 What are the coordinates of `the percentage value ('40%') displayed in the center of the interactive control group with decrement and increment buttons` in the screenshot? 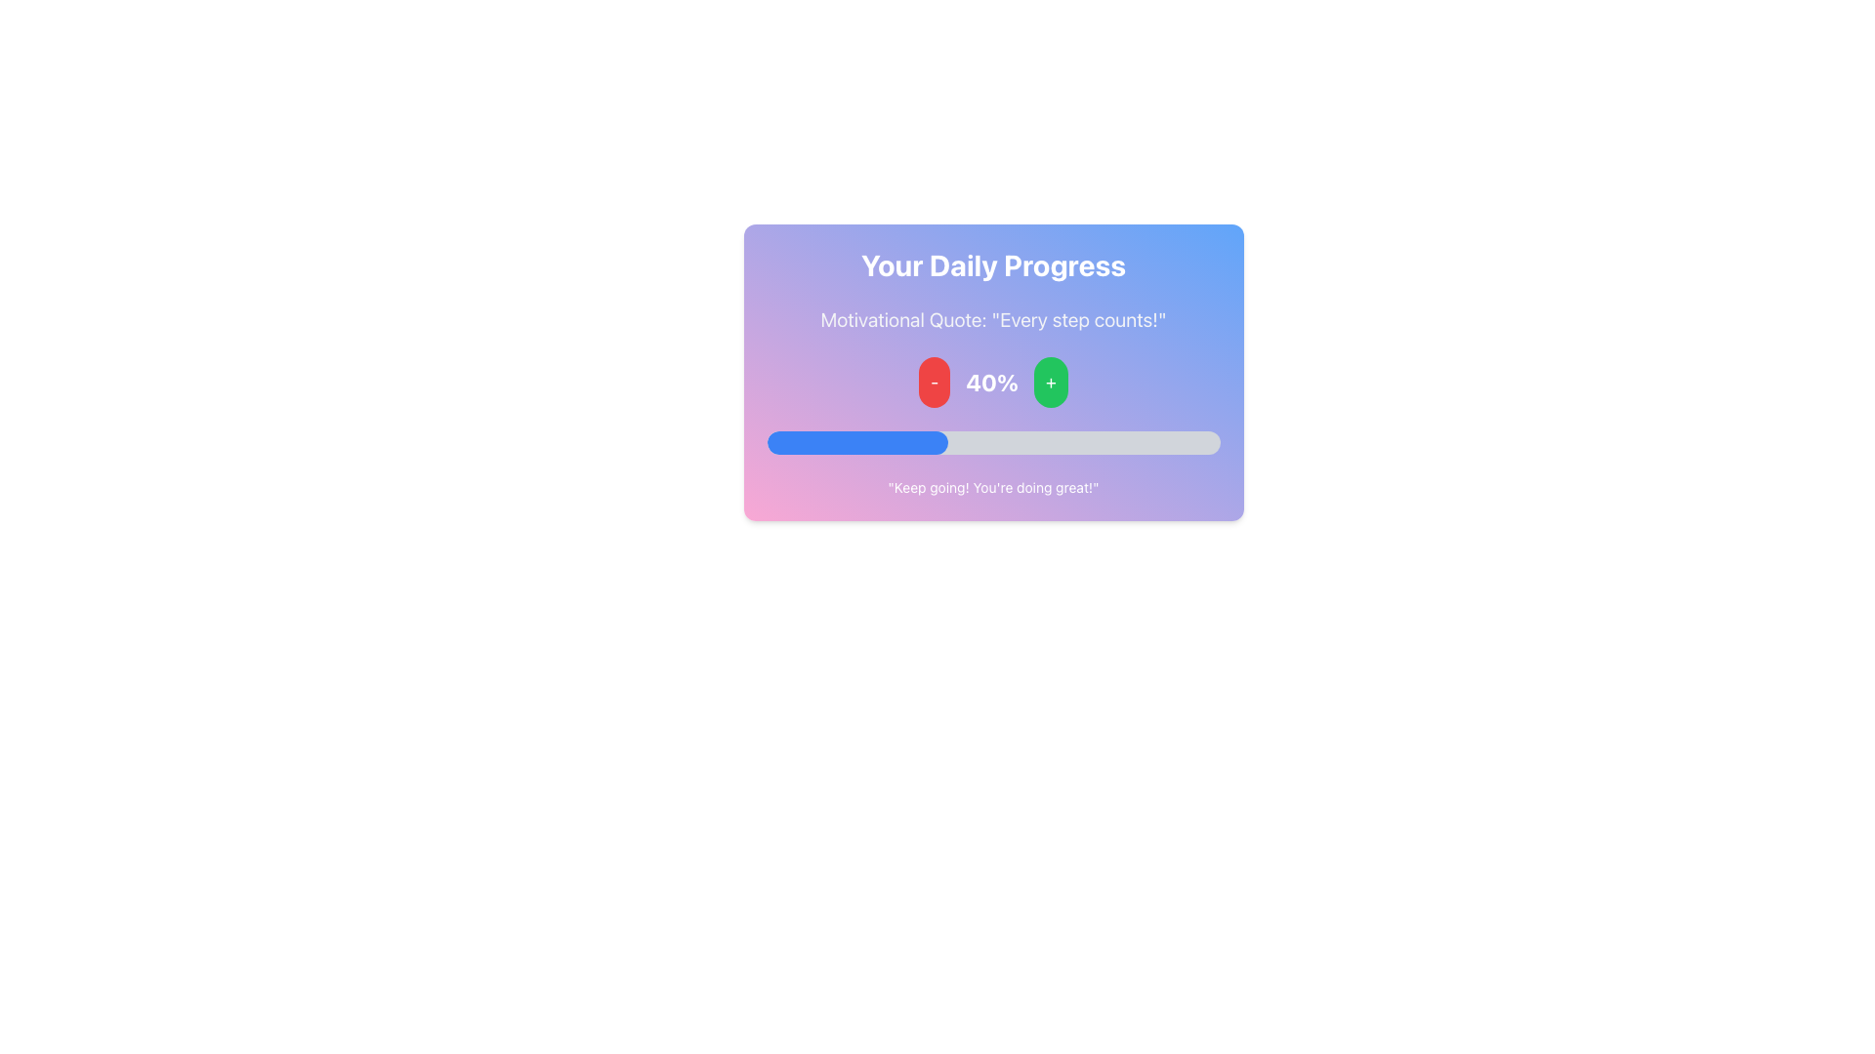 It's located at (993, 383).